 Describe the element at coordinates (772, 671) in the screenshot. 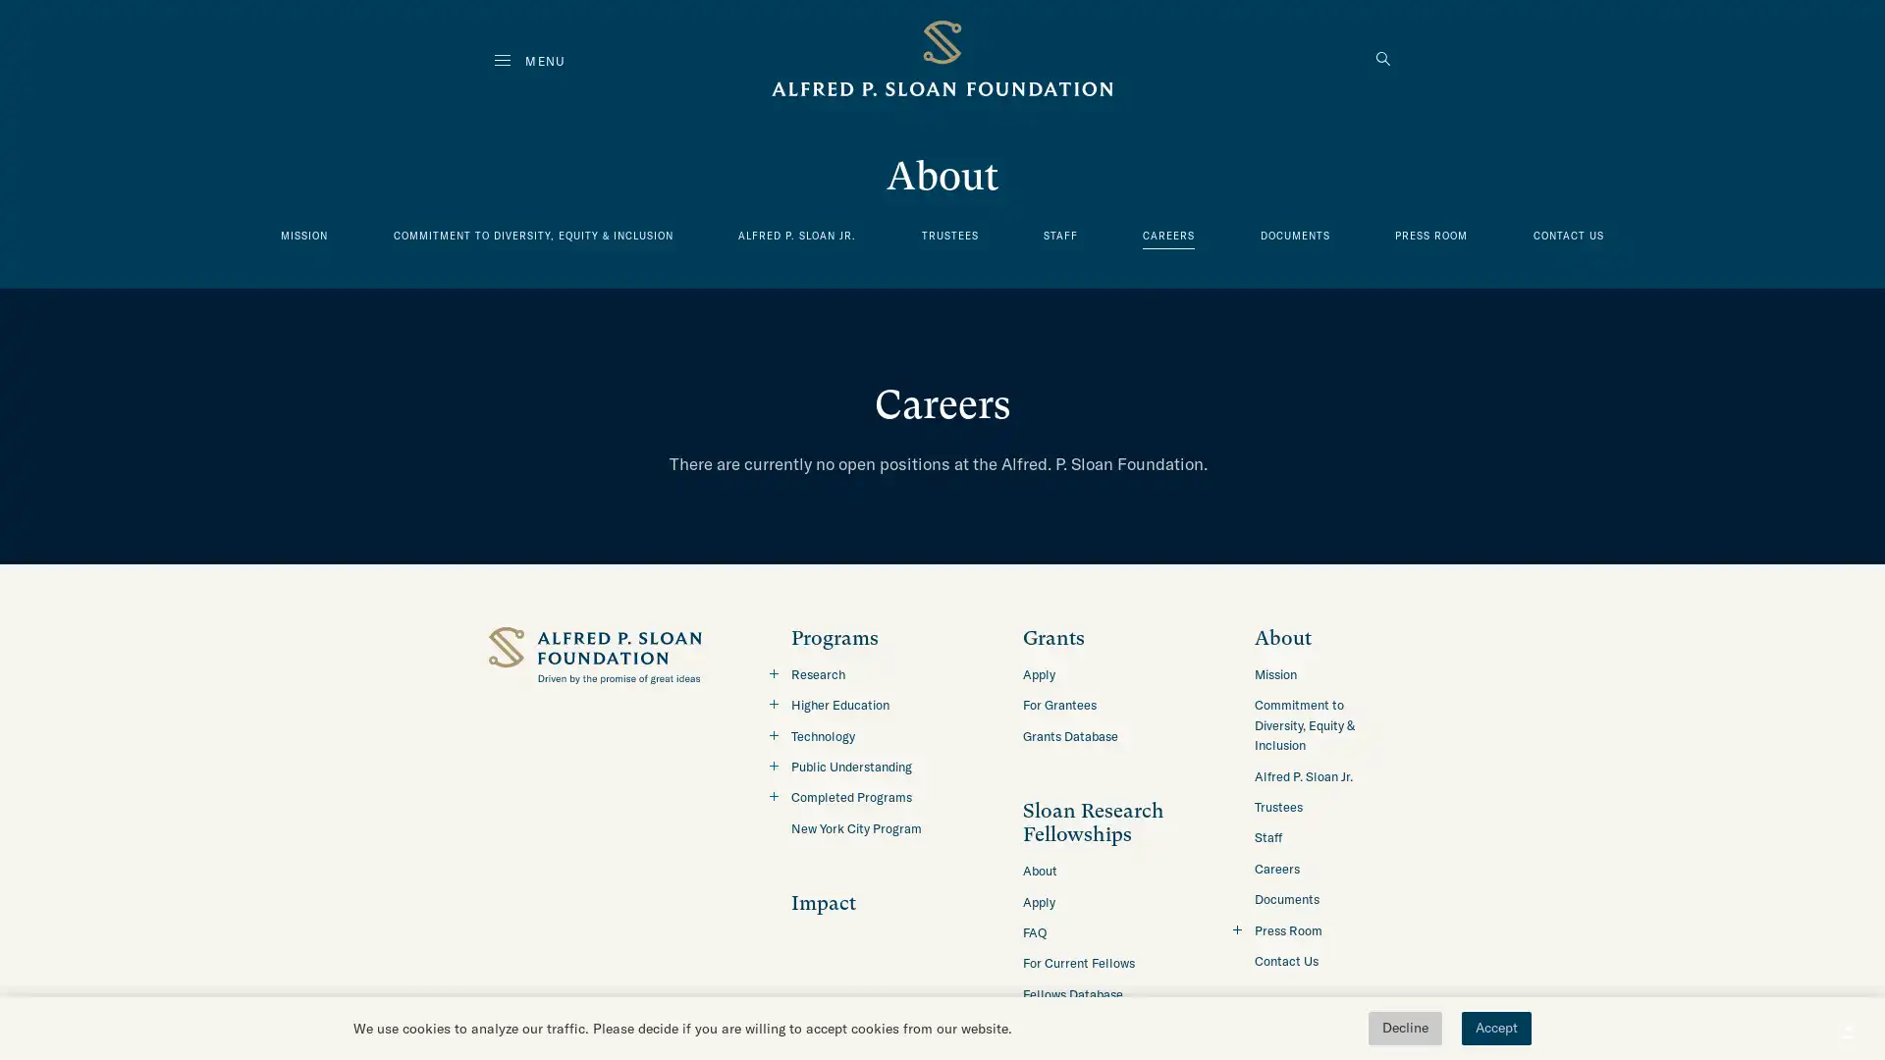

I see `Click to expand this navigation menu` at that location.